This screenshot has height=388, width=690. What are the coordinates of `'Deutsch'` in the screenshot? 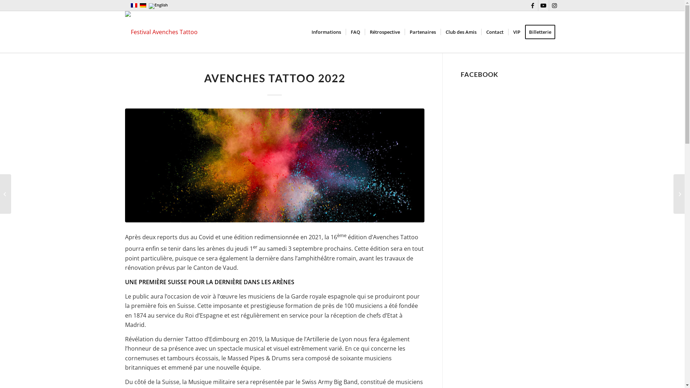 It's located at (143, 5).